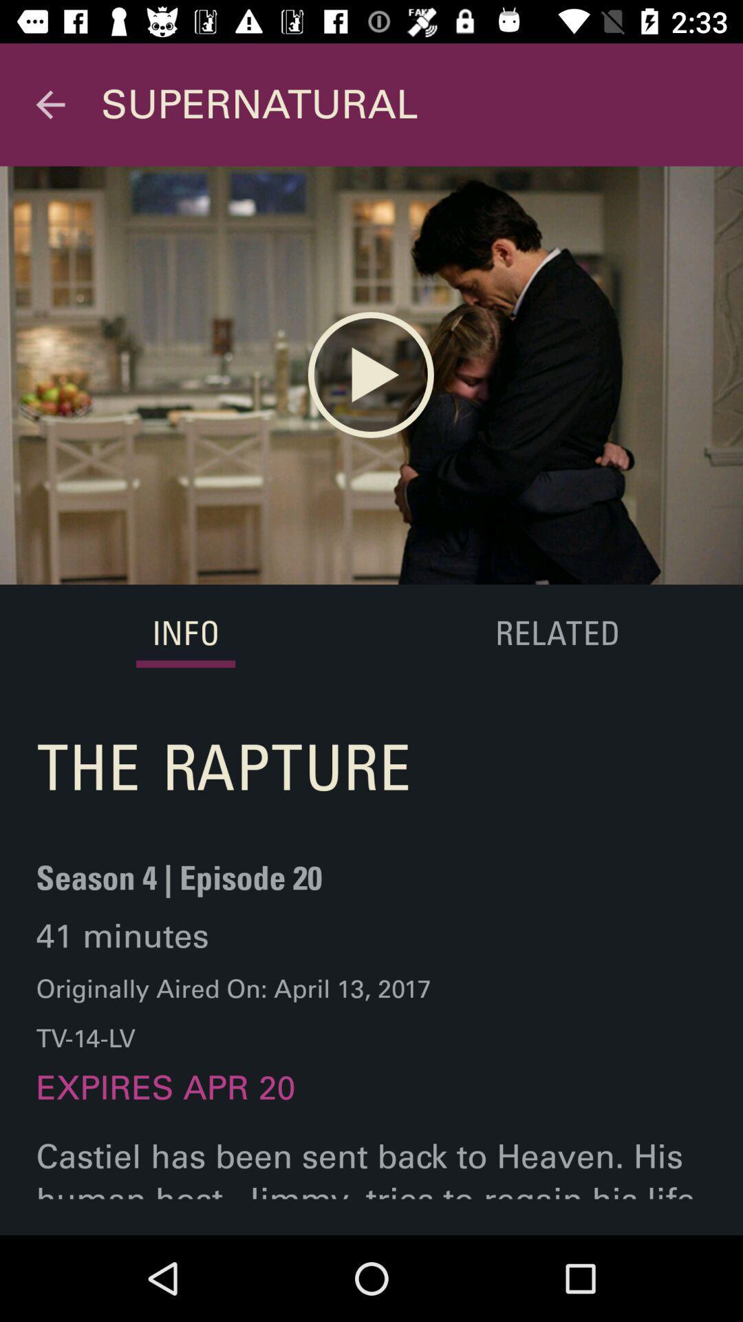 This screenshot has width=743, height=1322. Describe the element at coordinates (186, 634) in the screenshot. I see `the item above the the rapture icon` at that location.